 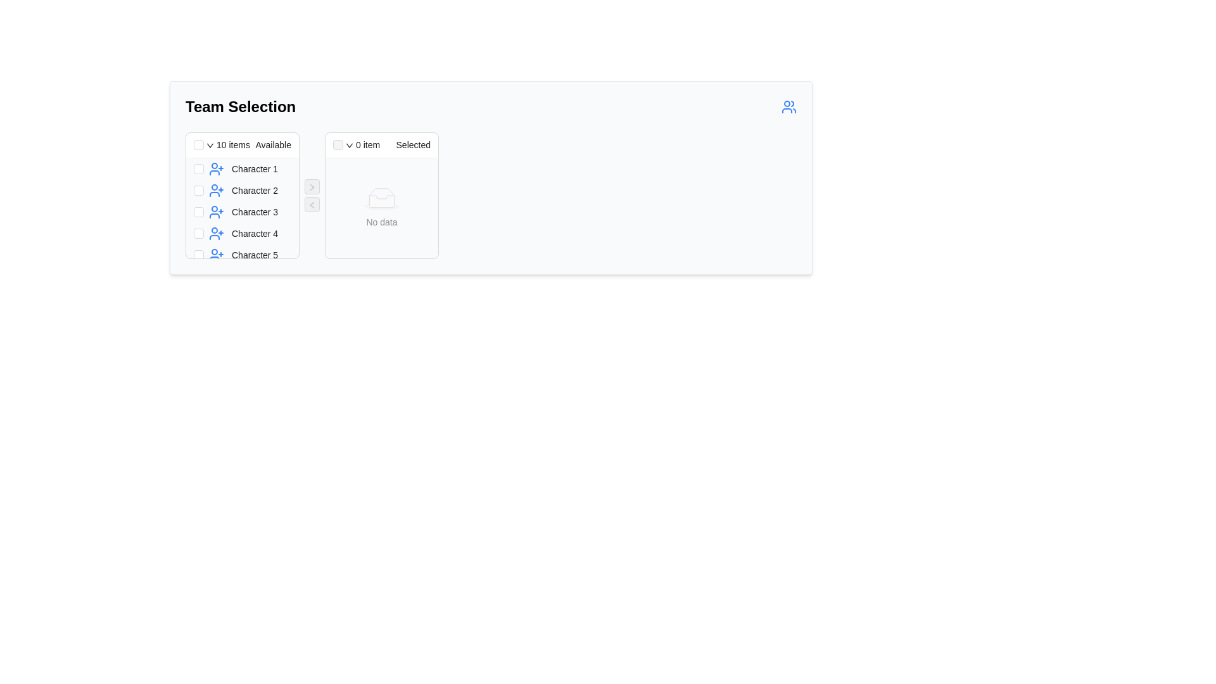 What do you see at coordinates (233, 144) in the screenshot?
I see `the text label displaying '10 items', which is located in the left panel of the interface, positioned between a checkbox and a dropdown icon, and to the left of the text 'Available'` at bounding box center [233, 144].